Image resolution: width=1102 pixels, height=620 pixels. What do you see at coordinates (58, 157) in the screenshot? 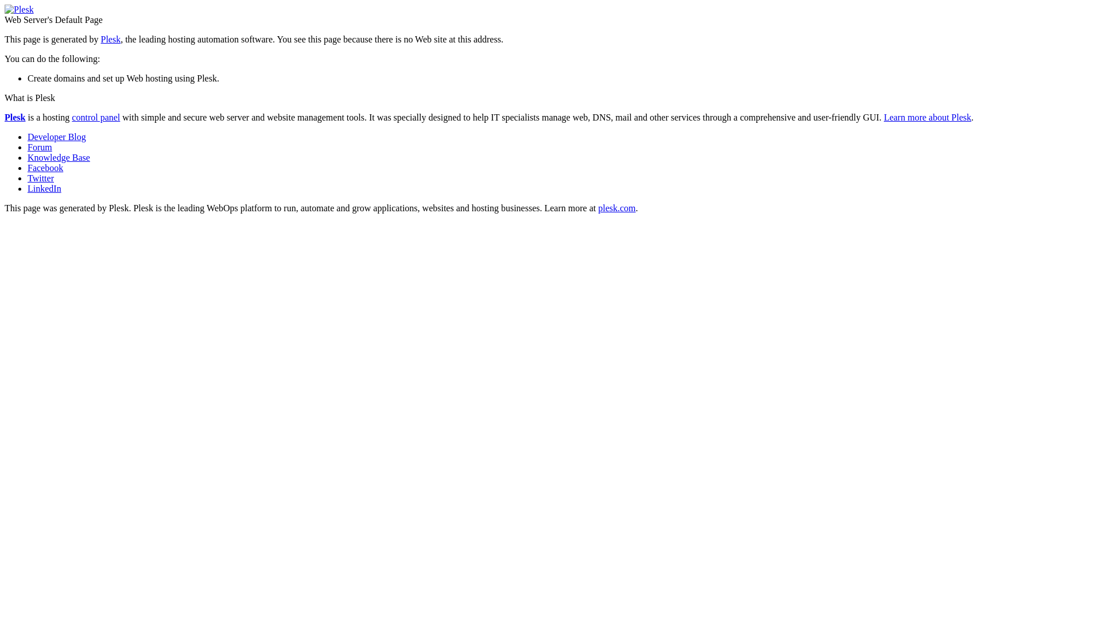
I see `'Knowledge Base'` at bounding box center [58, 157].